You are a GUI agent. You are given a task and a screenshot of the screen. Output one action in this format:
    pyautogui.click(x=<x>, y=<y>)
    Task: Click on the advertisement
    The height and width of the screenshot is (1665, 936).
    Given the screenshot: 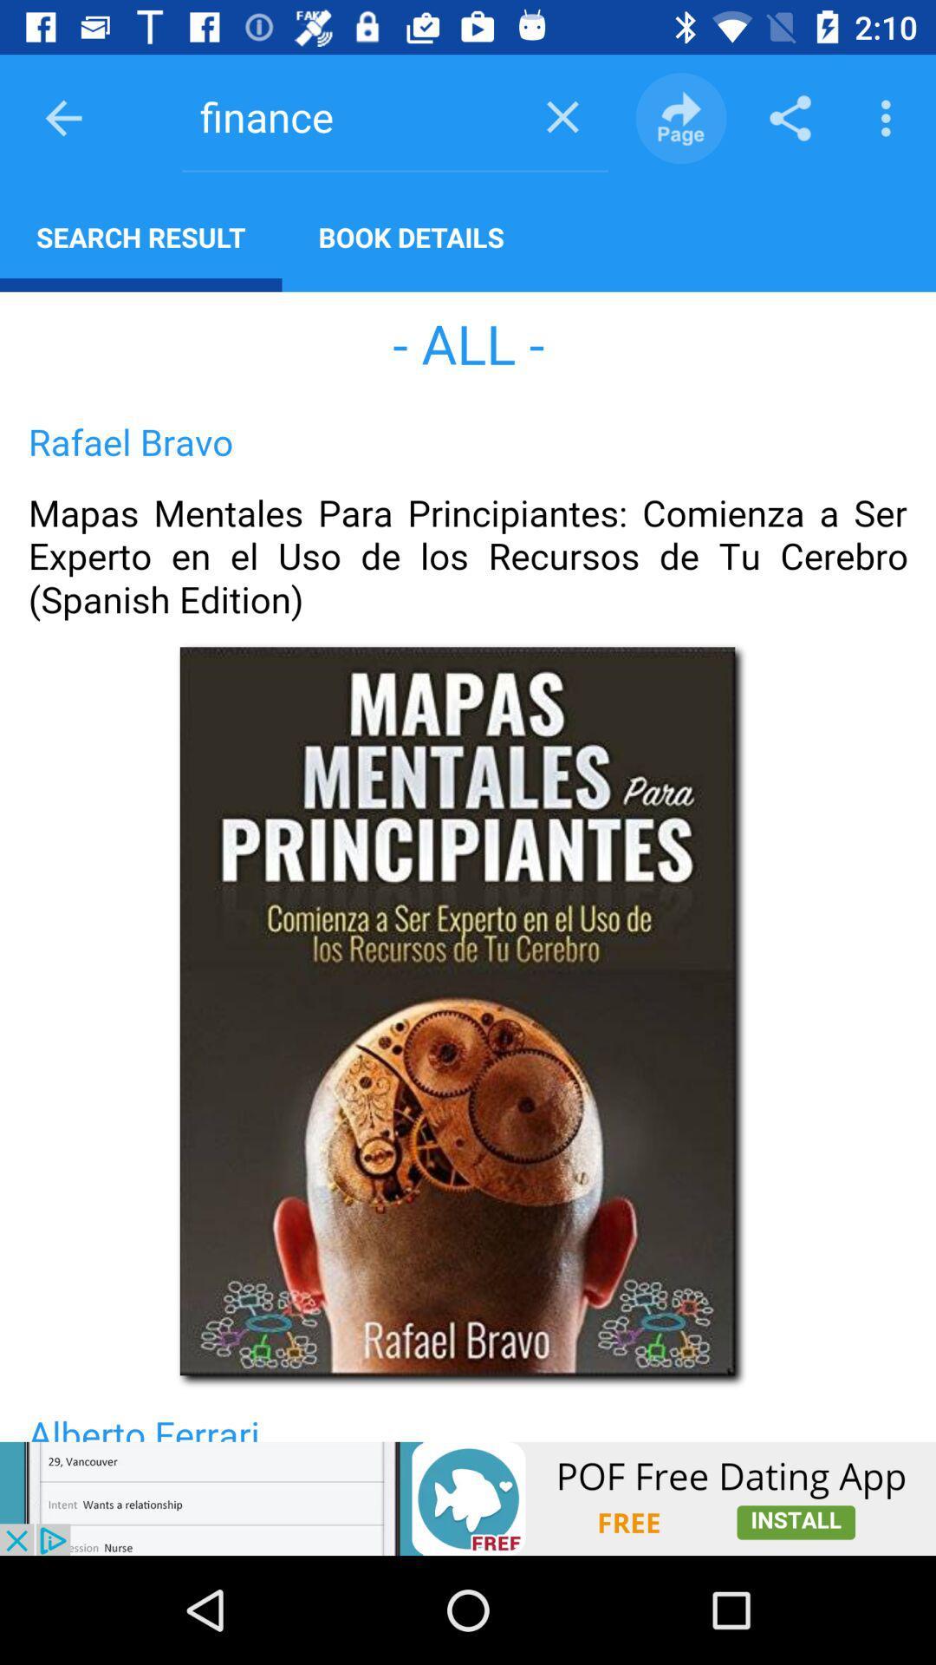 What is the action you would take?
    pyautogui.click(x=468, y=1498)
    